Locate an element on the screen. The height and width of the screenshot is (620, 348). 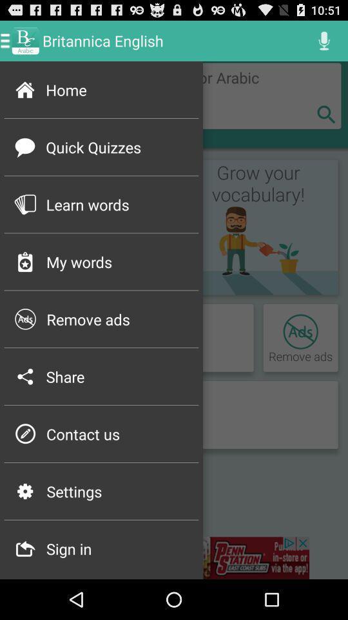
icon to the right of a is located at coordinates (174, 557).